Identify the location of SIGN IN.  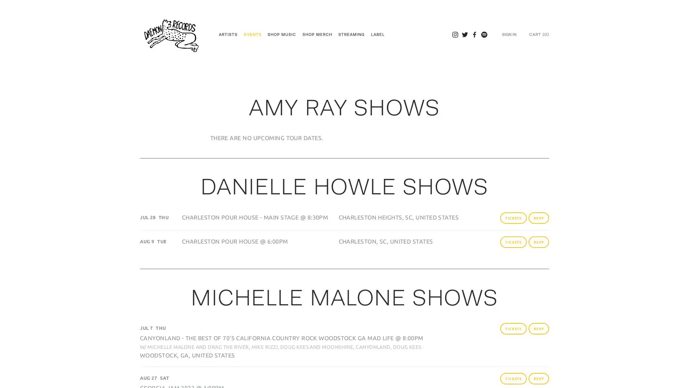
(509, 34).